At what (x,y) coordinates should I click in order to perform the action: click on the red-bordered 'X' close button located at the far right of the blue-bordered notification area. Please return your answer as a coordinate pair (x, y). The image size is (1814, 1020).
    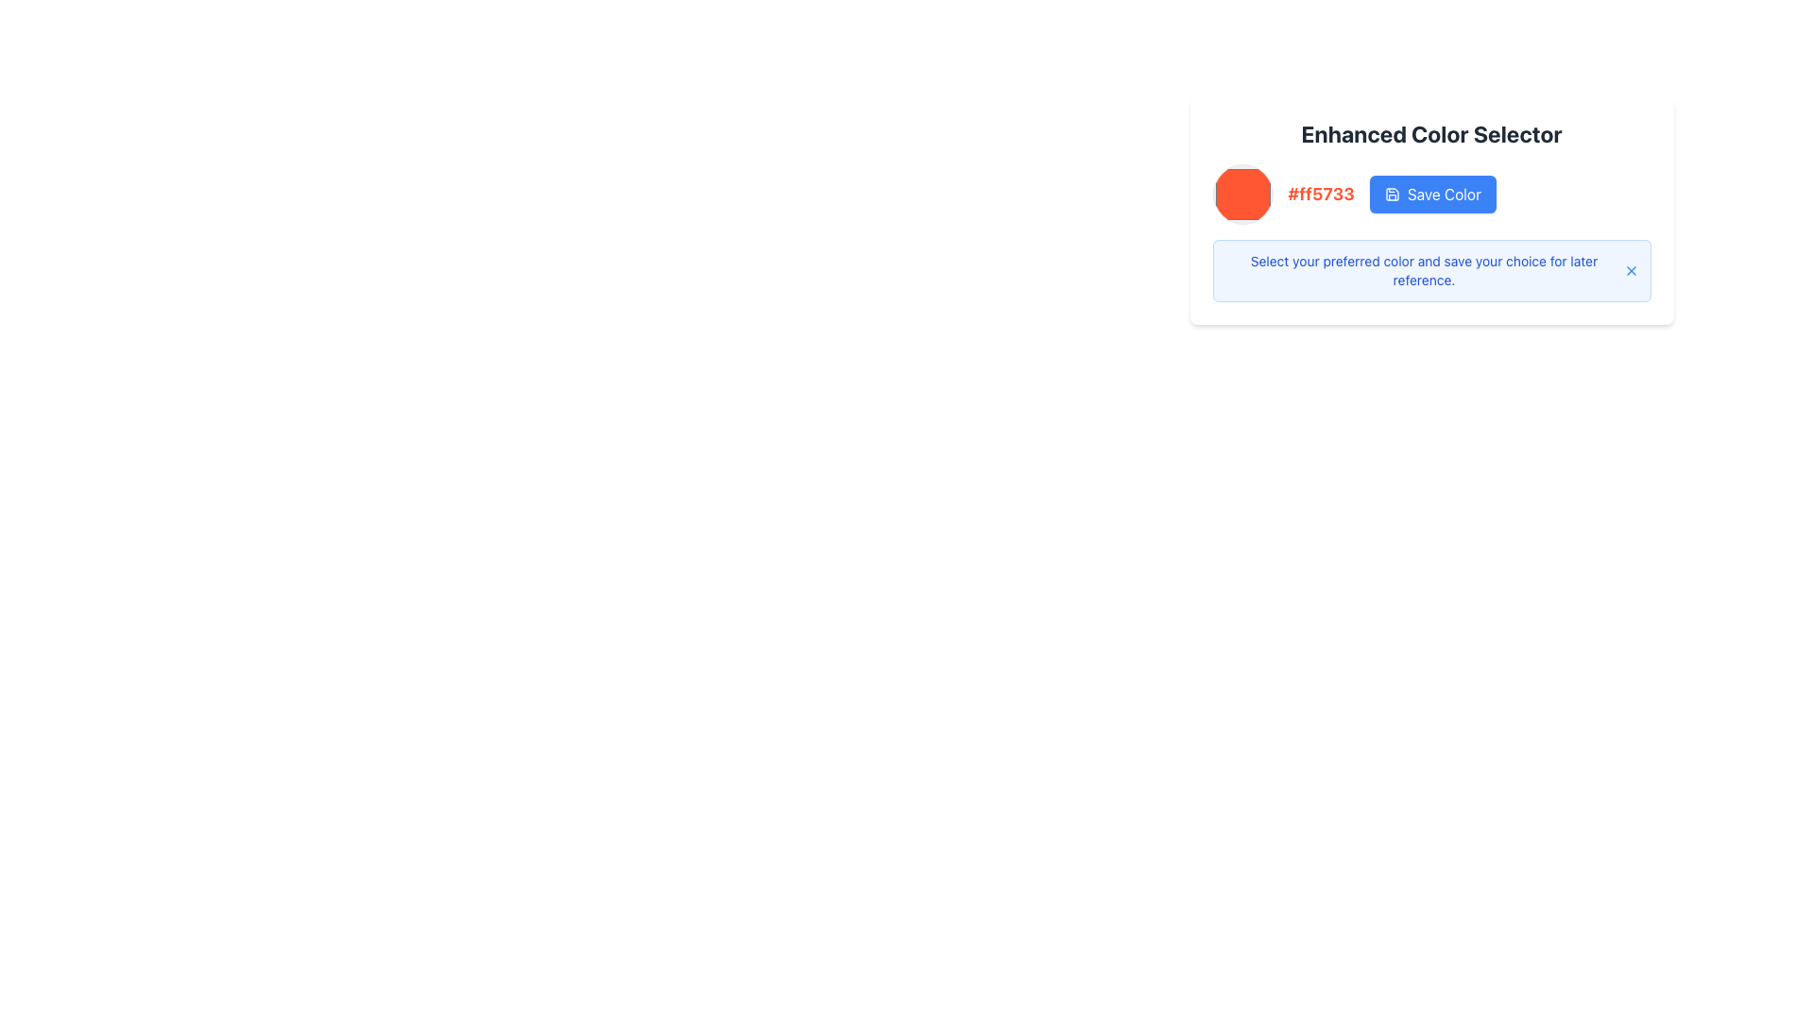
    Looking at the image, I should click on (1630, 270).